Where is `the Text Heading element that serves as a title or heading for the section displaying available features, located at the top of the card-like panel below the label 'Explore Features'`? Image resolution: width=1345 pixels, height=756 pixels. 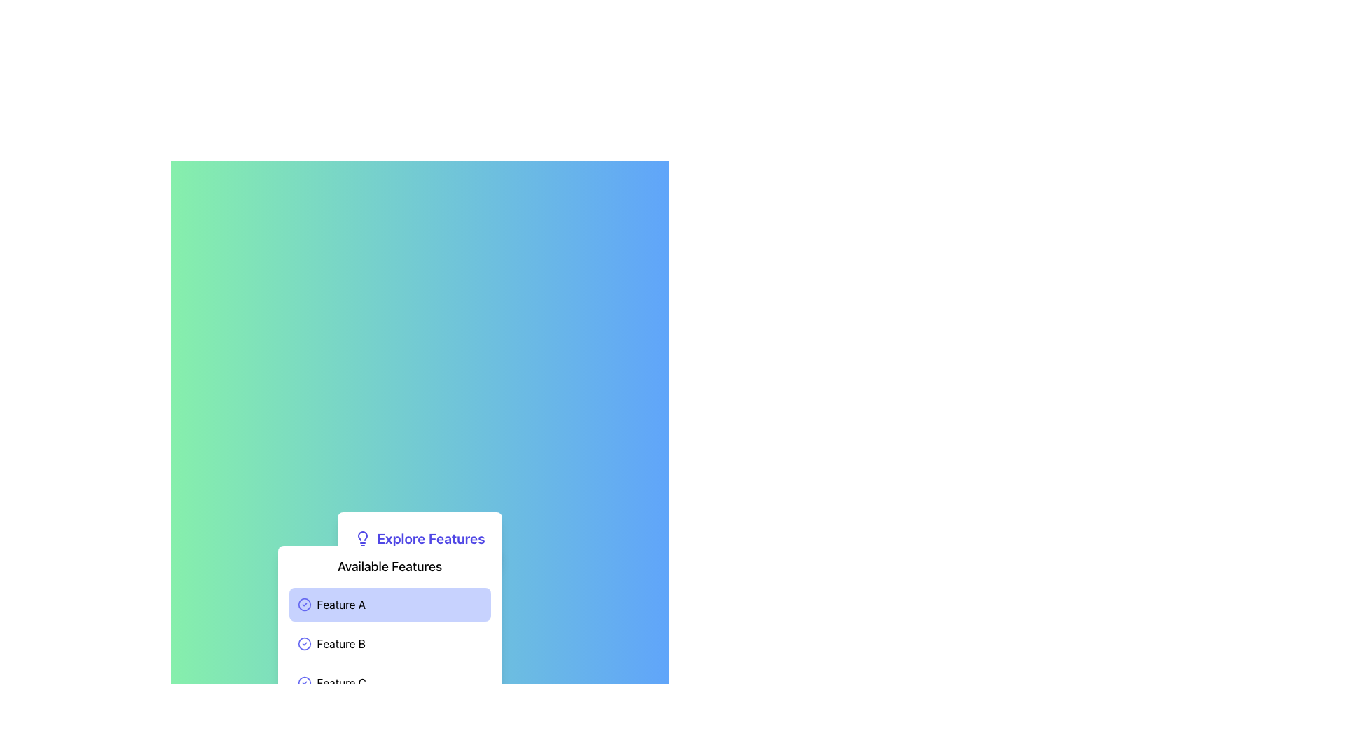
the Text Heading element that serves as a title or heading for the section displaying available features, located at the top of the card-like panel below the label 'Explore Features' is located at coordinates (389, 567).